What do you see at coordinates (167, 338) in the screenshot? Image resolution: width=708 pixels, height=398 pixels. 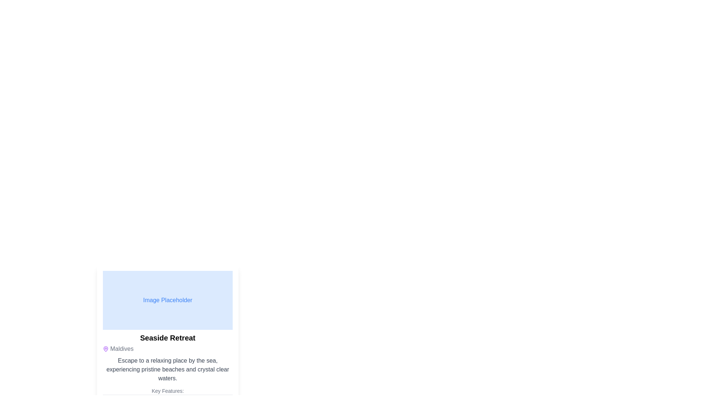 I see `the Text Label indicating the title 'Seaside Retreat' located in the central region of the interface` at bounding box center [167, 338].